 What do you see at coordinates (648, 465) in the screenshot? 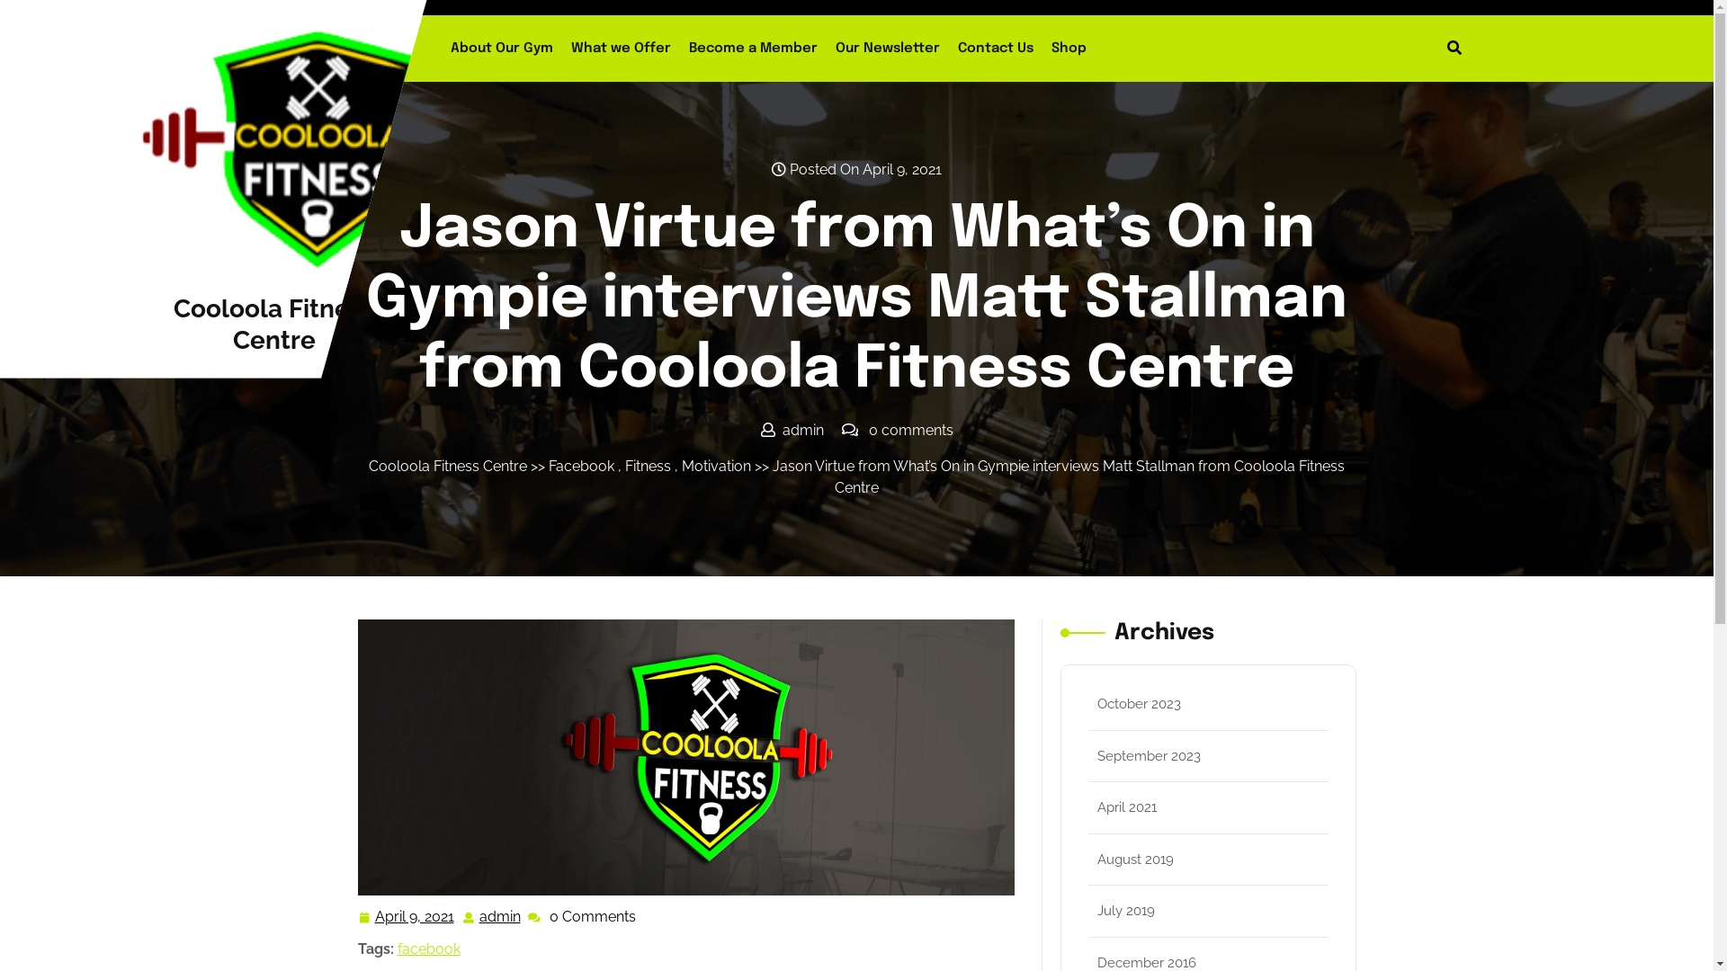
I see `'Fitness'` at bounding box center [648, 465].